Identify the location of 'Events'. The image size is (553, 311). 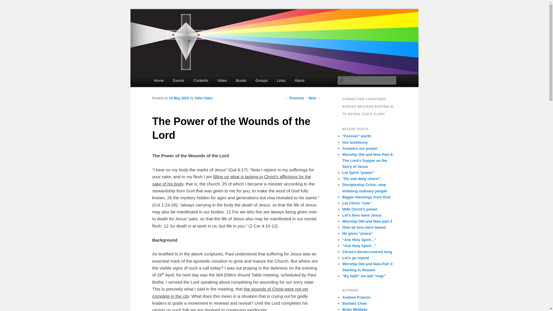
(168, 80).